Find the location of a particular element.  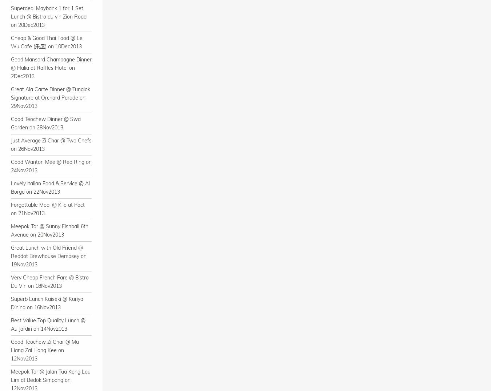

'Cheap & Good Thai Food @ Le Wu Cafe (乐屋) on 10Dec2013' is located at coordinates (47, 42).